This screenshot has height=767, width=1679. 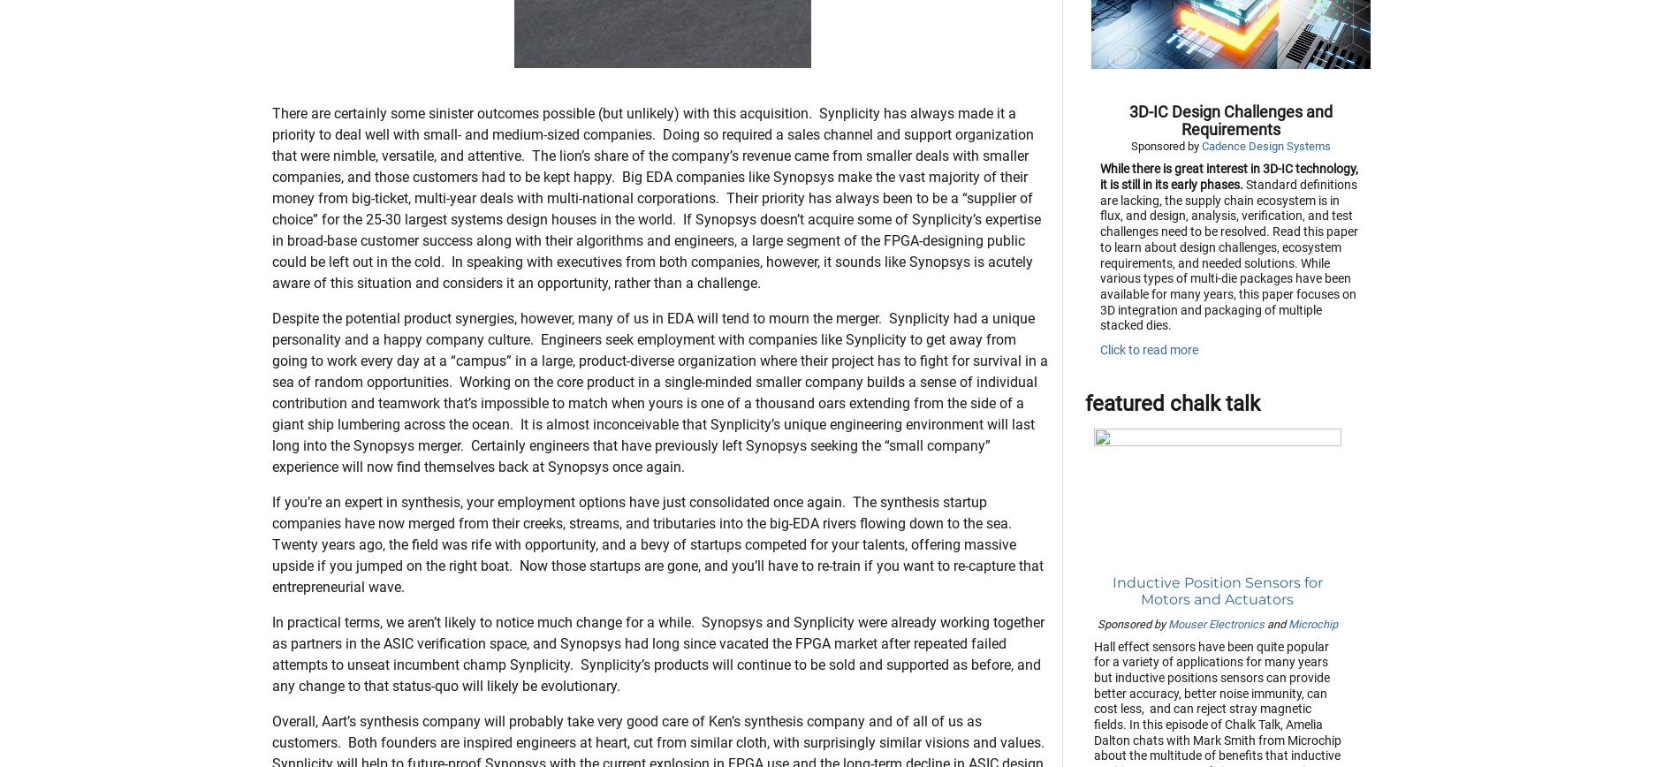 I want to click on 'and', so click(x=1275, y=711).